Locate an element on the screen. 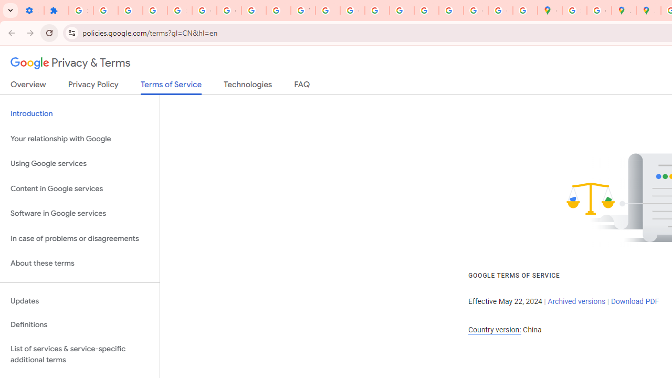  'Using Google services' is located at coordinates (79, 164).